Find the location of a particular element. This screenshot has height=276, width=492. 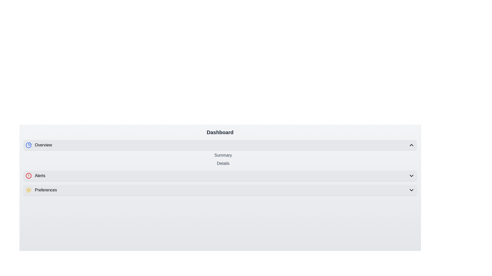

the downward-facing chevron icon is located at coordinates (412, 175).